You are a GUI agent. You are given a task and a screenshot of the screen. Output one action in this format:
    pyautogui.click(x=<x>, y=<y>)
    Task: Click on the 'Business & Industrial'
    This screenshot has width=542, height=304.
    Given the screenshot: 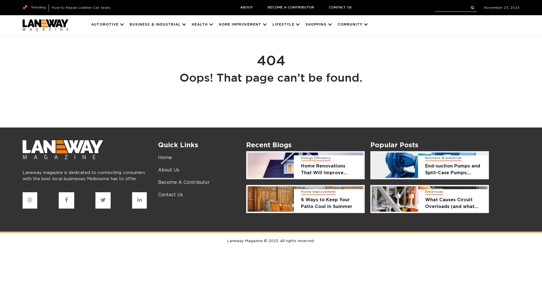 What is the action you would take?
    pyautogui.click(x=443, y=158)
    